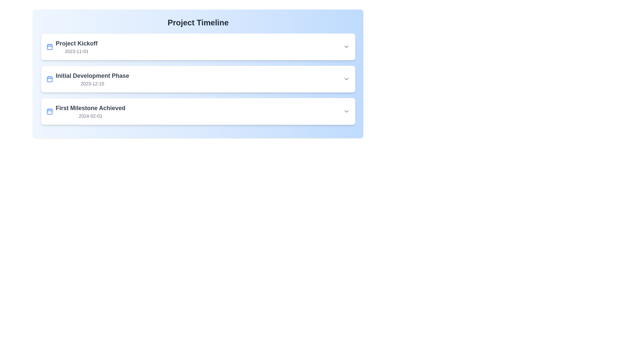 The width and height of the screenshot is (633, 356). Describe the element at coordinates (49, 46) in the screenshot. I see `the calendar icon component located to the left of the 'Project Kickoff' title, which is a rectangular figure with rounded corners` at that location.